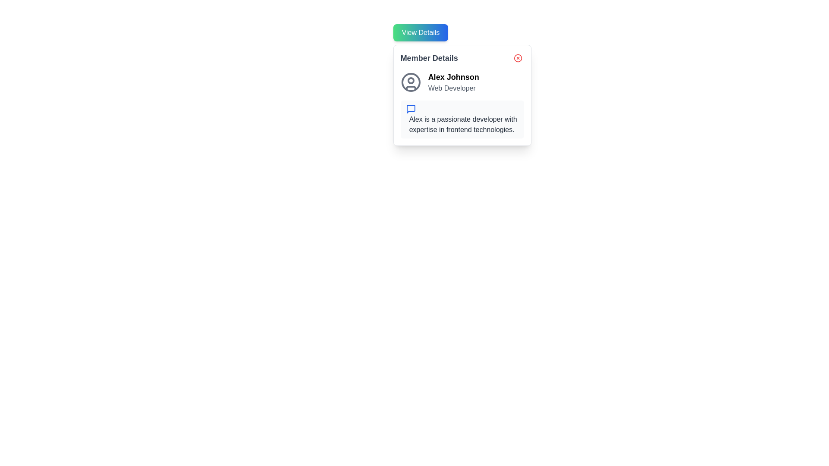 The height and width of the screenshot is (466, 829). What do you see at coordinates (410, 80) in the screenshot?
I see `the small circular component within the larger circular frame in the 'Member Details' section` at bounding box center [410, 80].